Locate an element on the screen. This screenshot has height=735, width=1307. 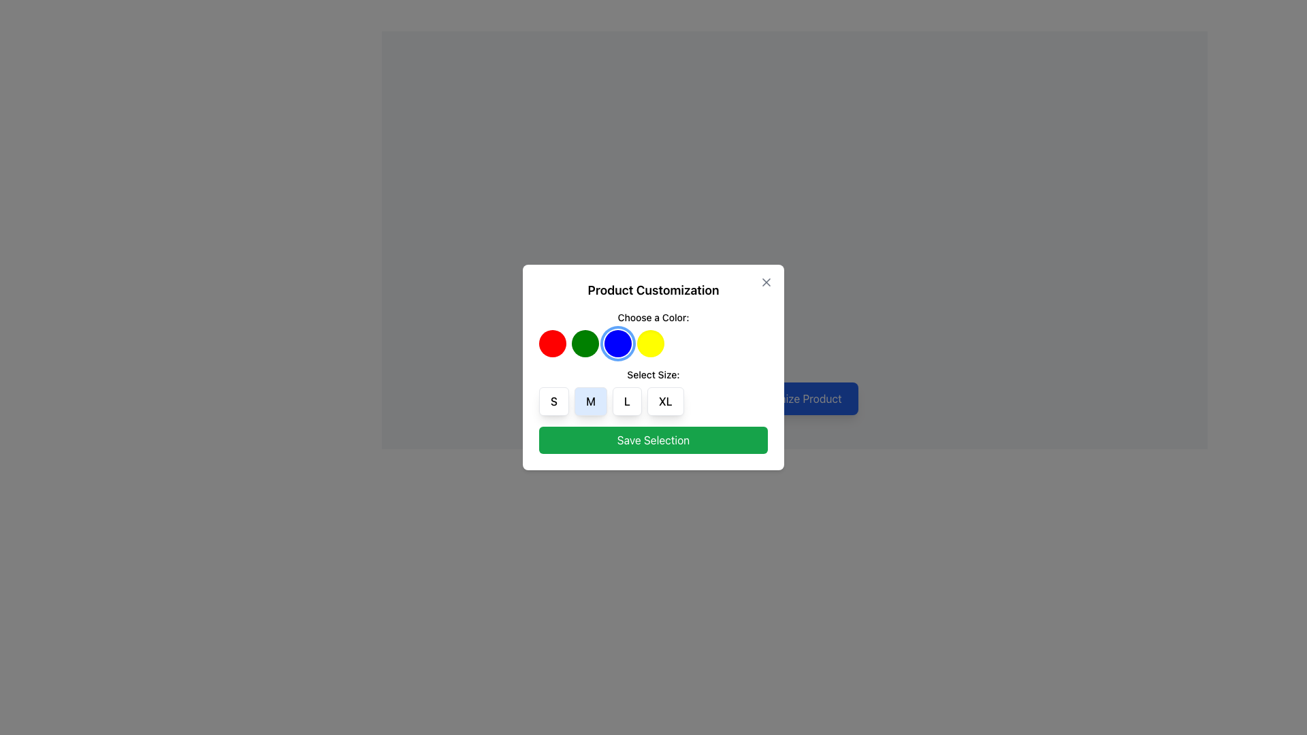
the green circular button located in the second position of a horizontal row of four buttons in a modal is located at coordinates (585, 343).